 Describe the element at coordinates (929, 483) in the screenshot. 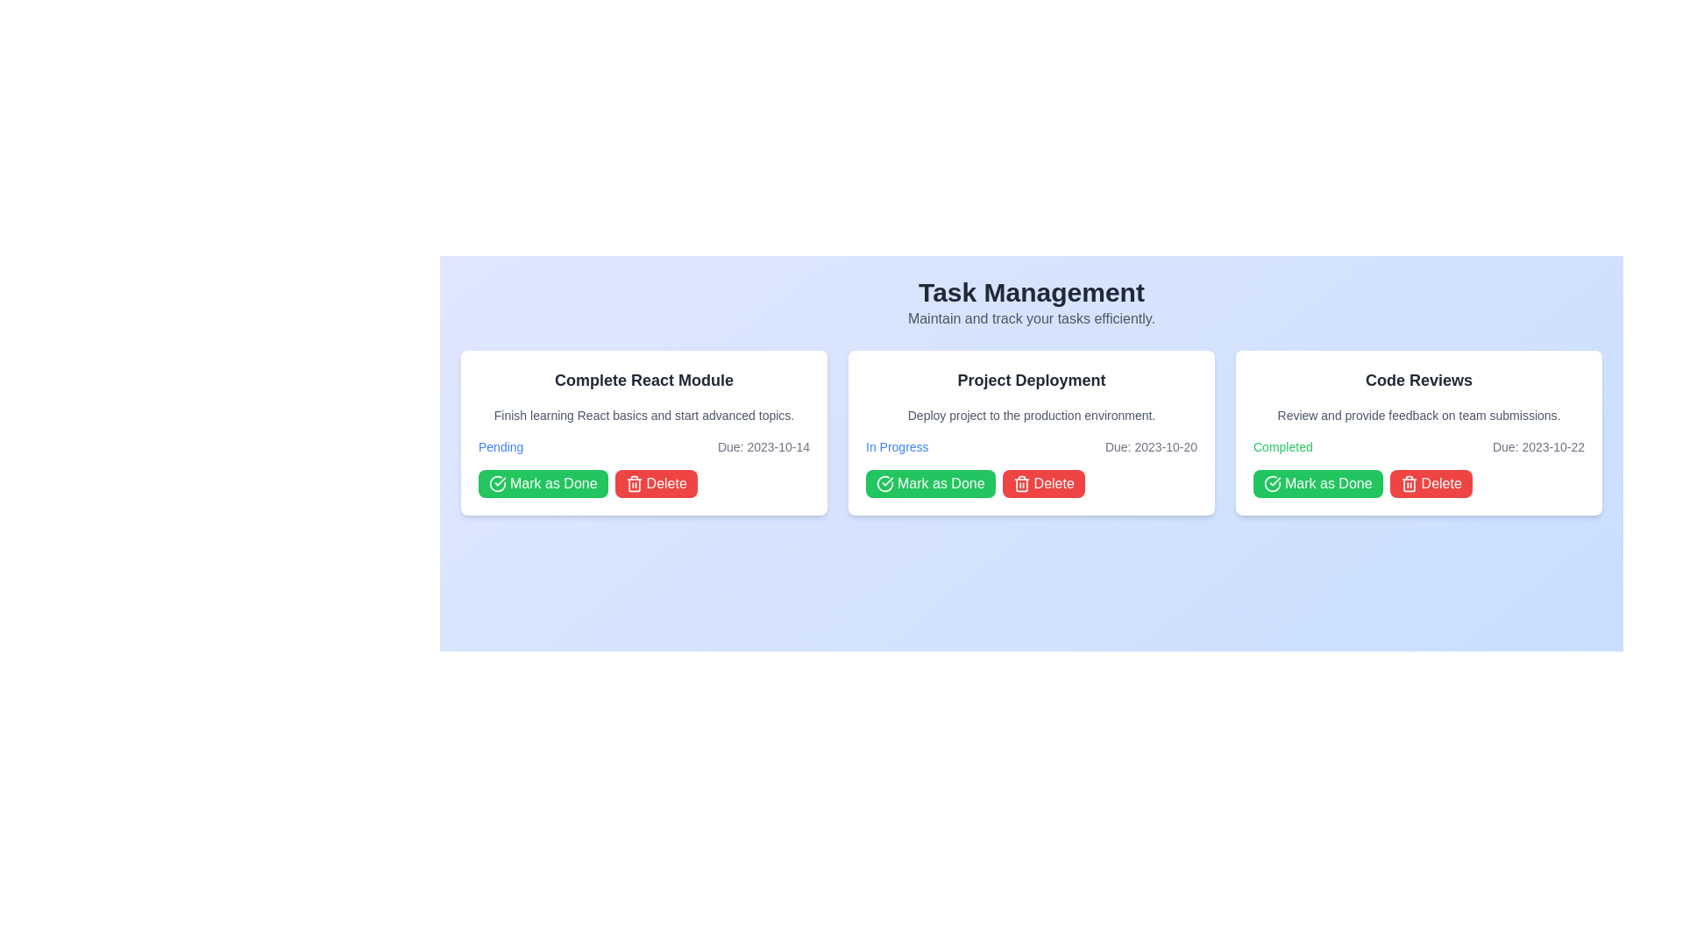

I see `the green button labeled 'Mark as Done' with a checkmark icon to mark the task as done` at that location.